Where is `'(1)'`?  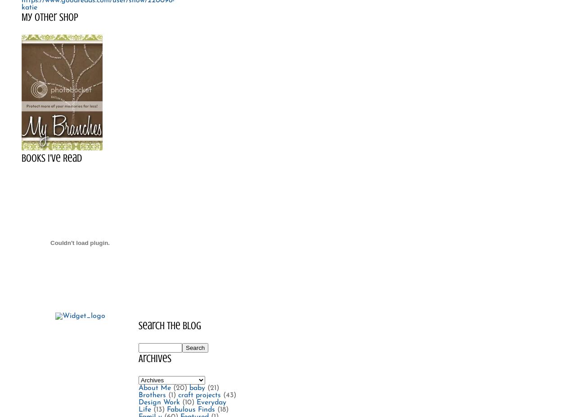
'(1)' is located at coordinates (171, 395).